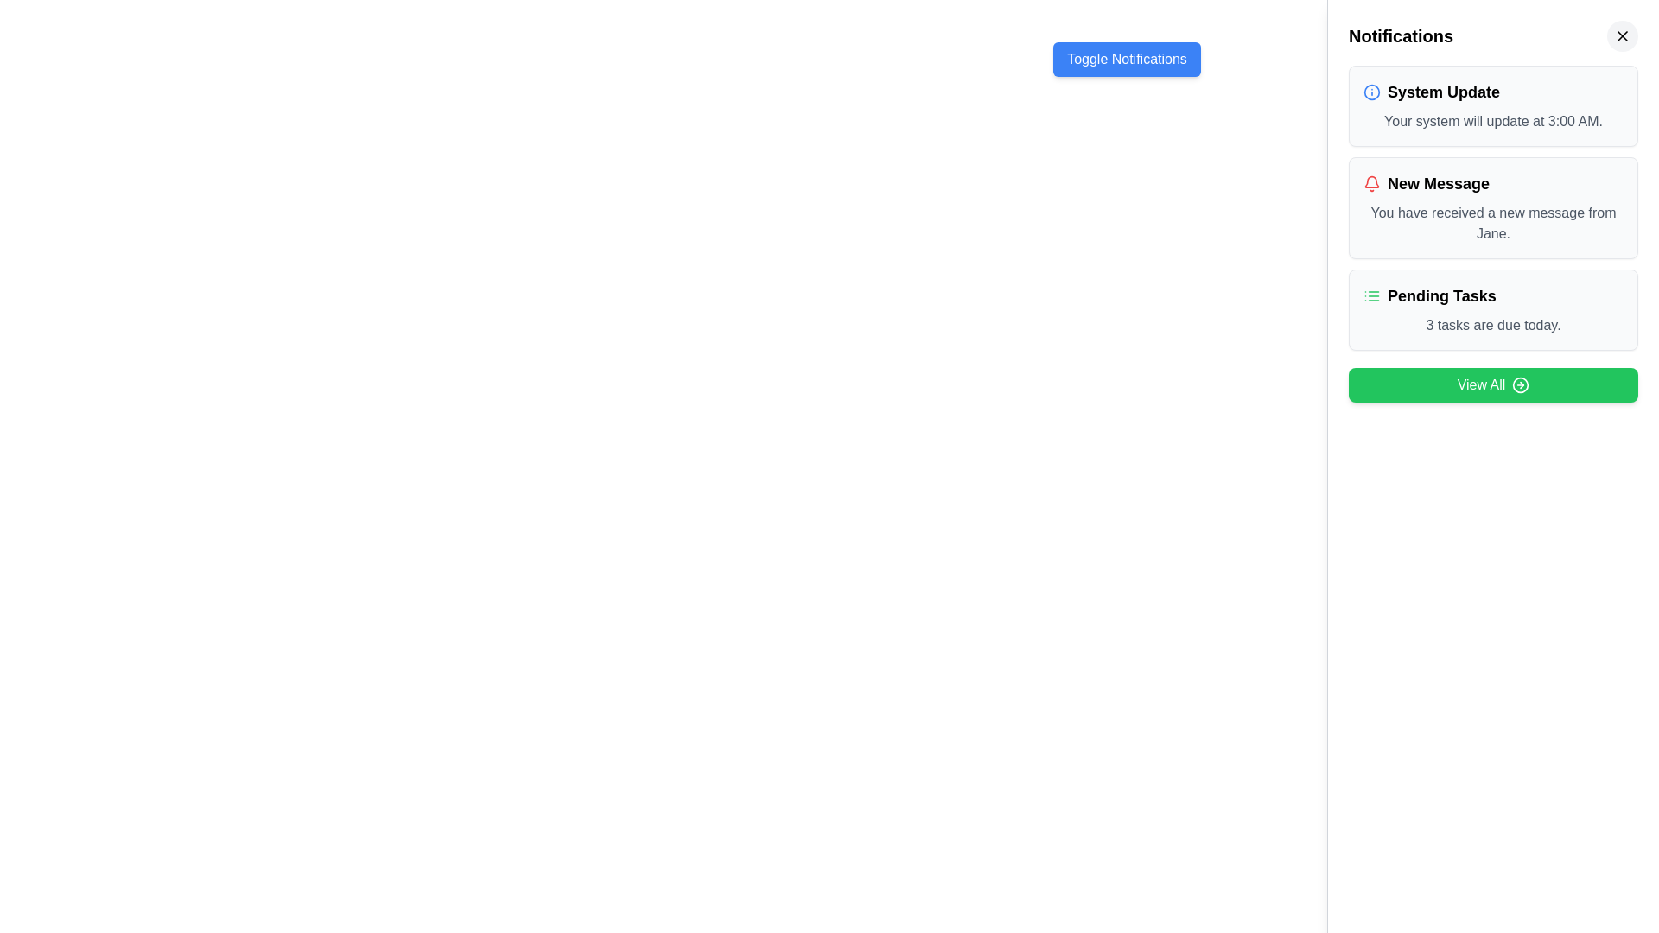 The height and width of the screenshot is (933, 1659). What do you see at coordinates (1371, 295) in the screenshot?
I see `the green 'list' icon representing pending tasks, which is located to the left of the 'Pending Tasks' text in the notifications section` at bounding box center [1371, 295].